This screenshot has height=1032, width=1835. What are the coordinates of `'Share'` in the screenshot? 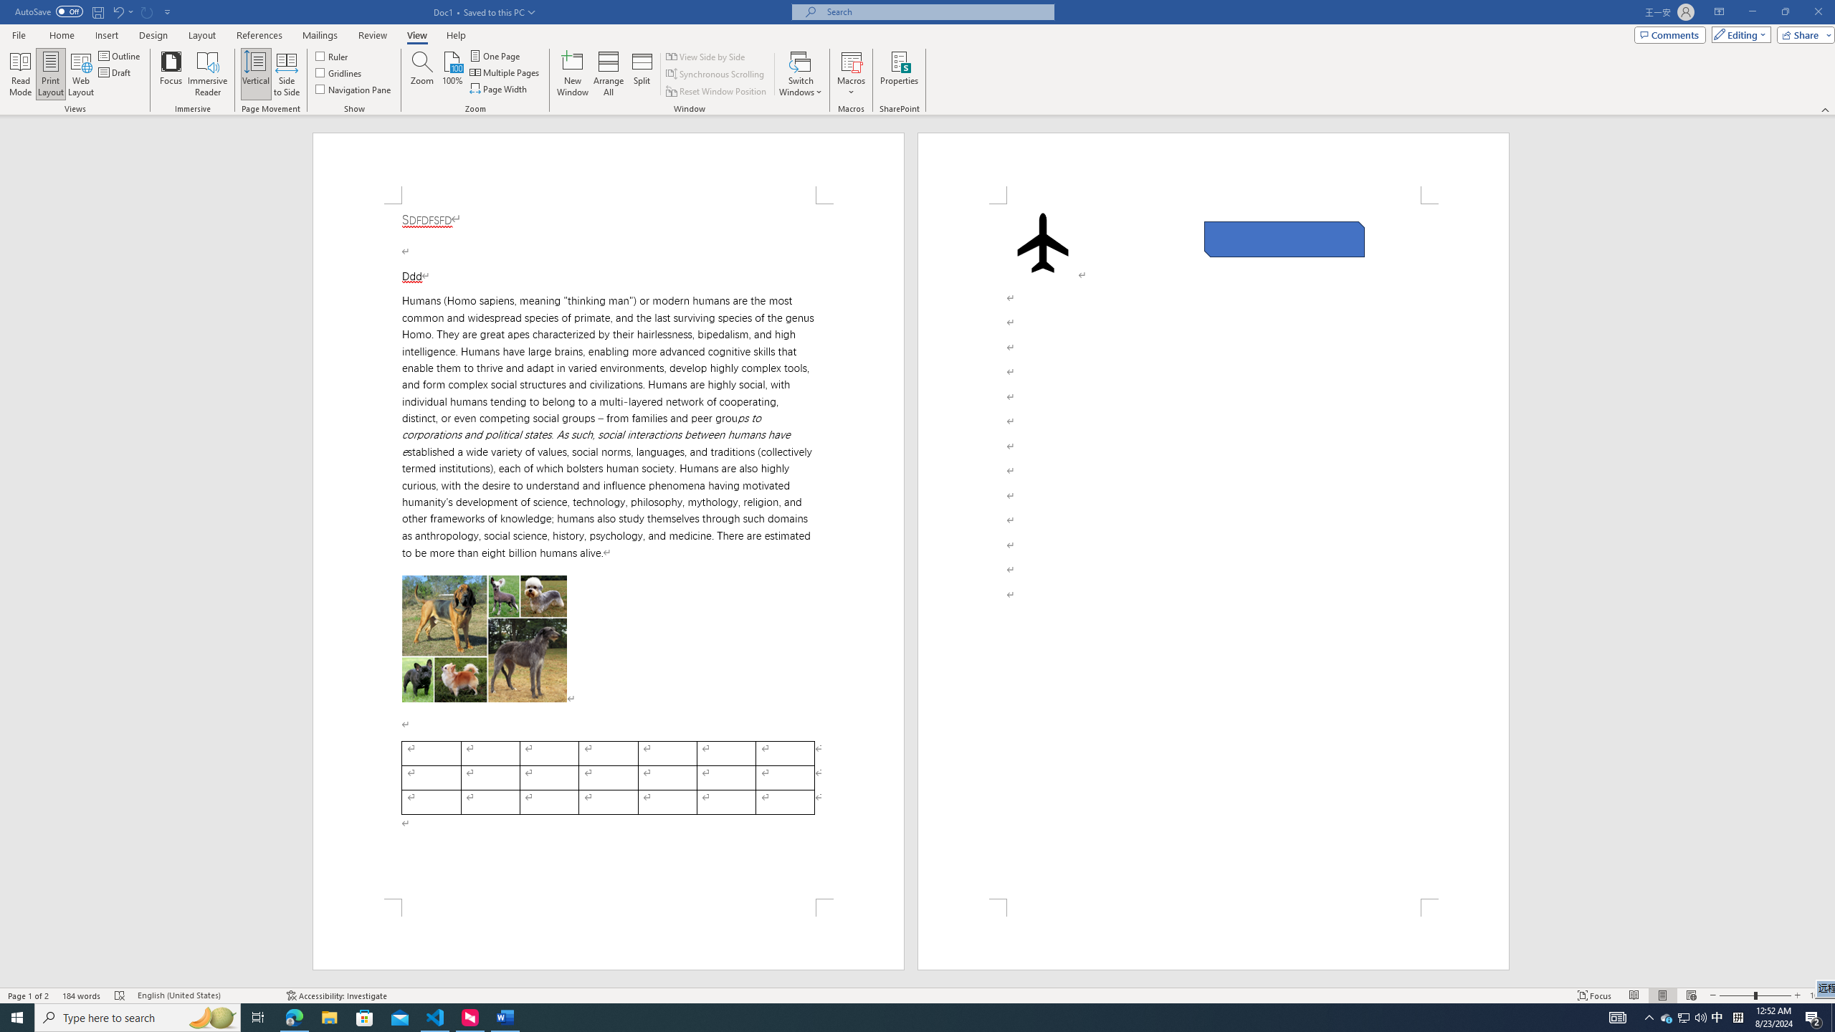 It's located at (1803, 34).